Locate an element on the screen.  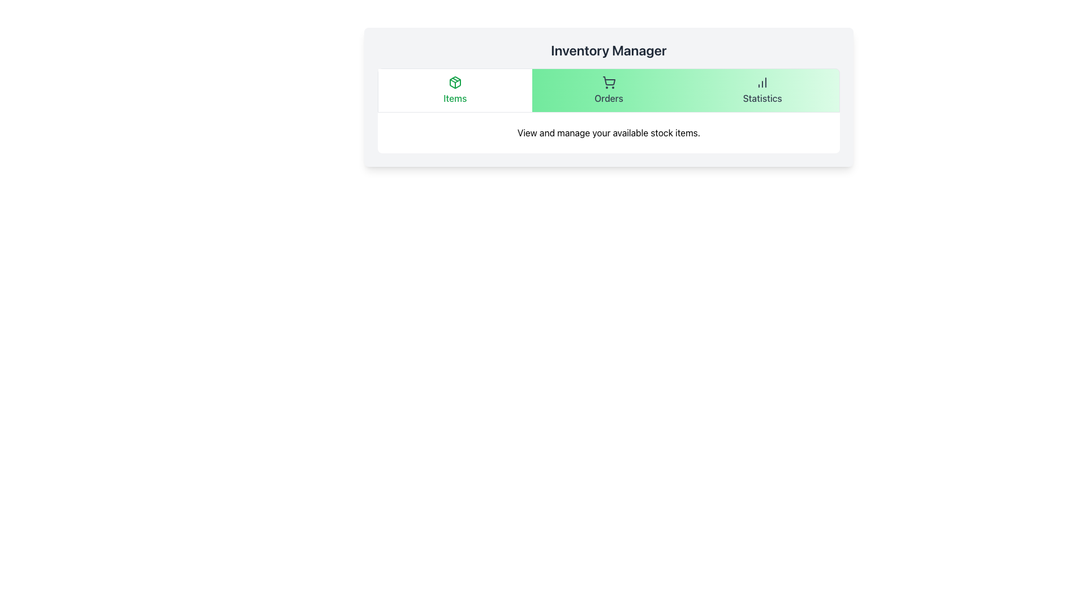
the shopping cart icon in the 'Orders' section of the menu bar is located at coordinates (608, 82).